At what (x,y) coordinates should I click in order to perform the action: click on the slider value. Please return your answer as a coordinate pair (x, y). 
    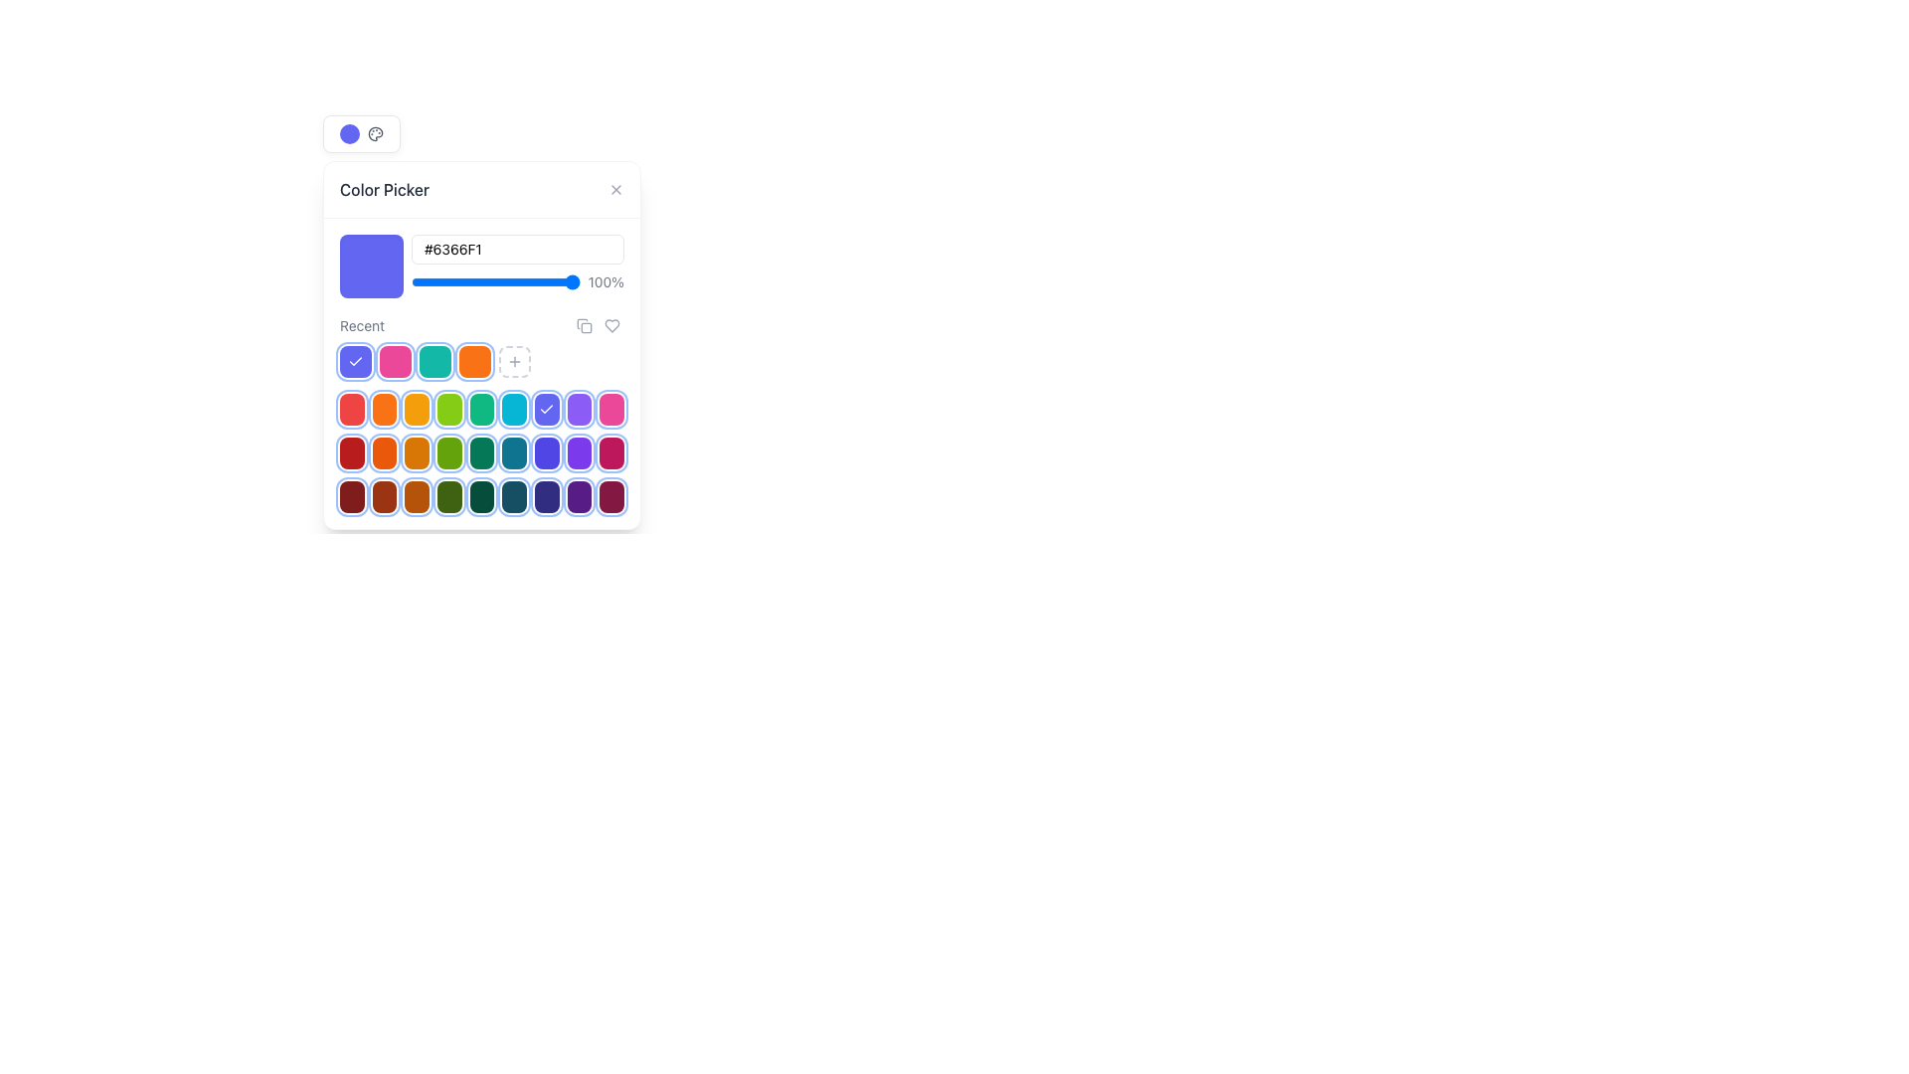
    Looking at the image, I should click on (478, 282).